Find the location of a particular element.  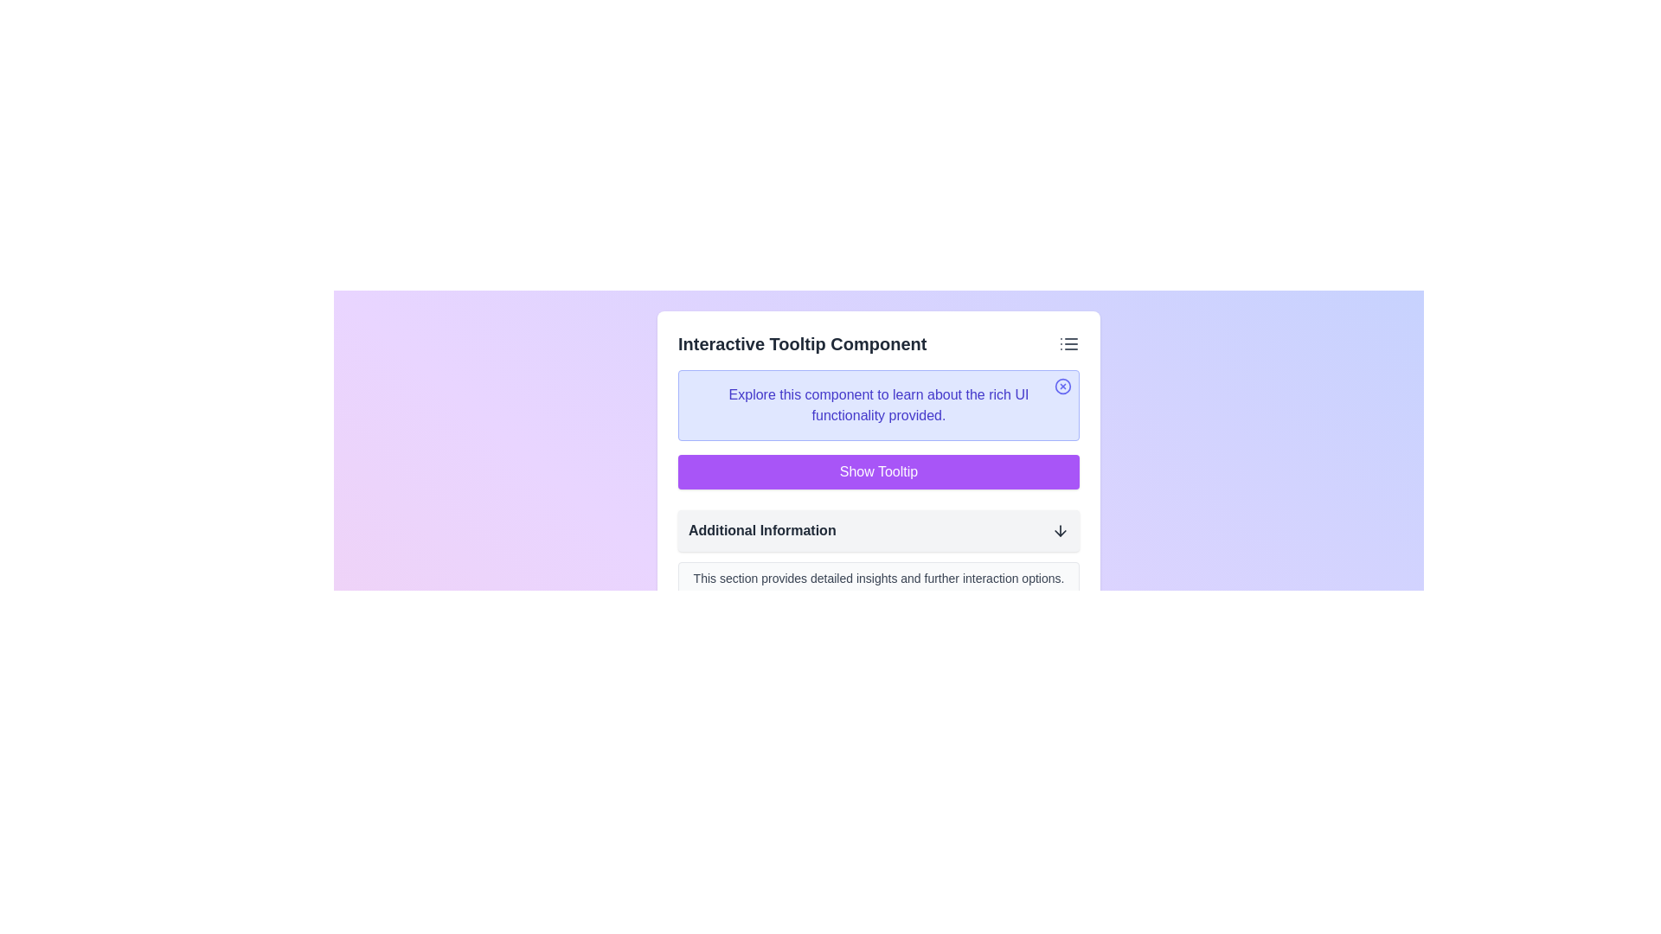

the text label that reads 'Additional Information', which is styled with a bold font and positioned within a light gray rectangular box, indicating its role in navigation or expansion is located at coordinates (761, 529).